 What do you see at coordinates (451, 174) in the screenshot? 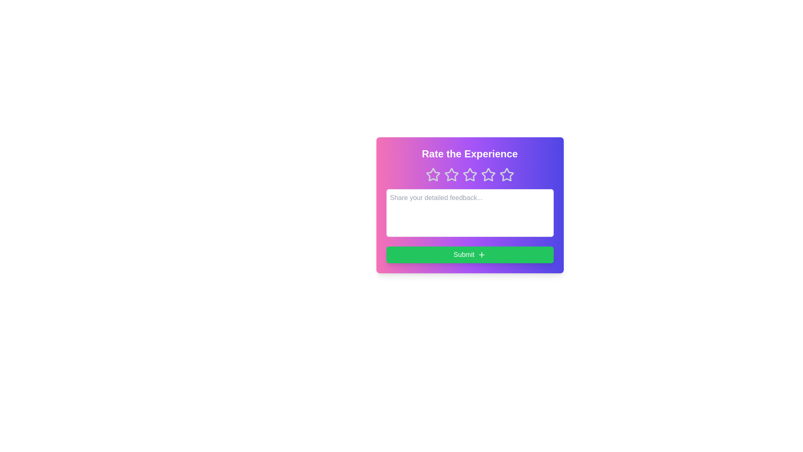
I see `the star corresponding to the desired rating 2` at bounding box center [451, 174].